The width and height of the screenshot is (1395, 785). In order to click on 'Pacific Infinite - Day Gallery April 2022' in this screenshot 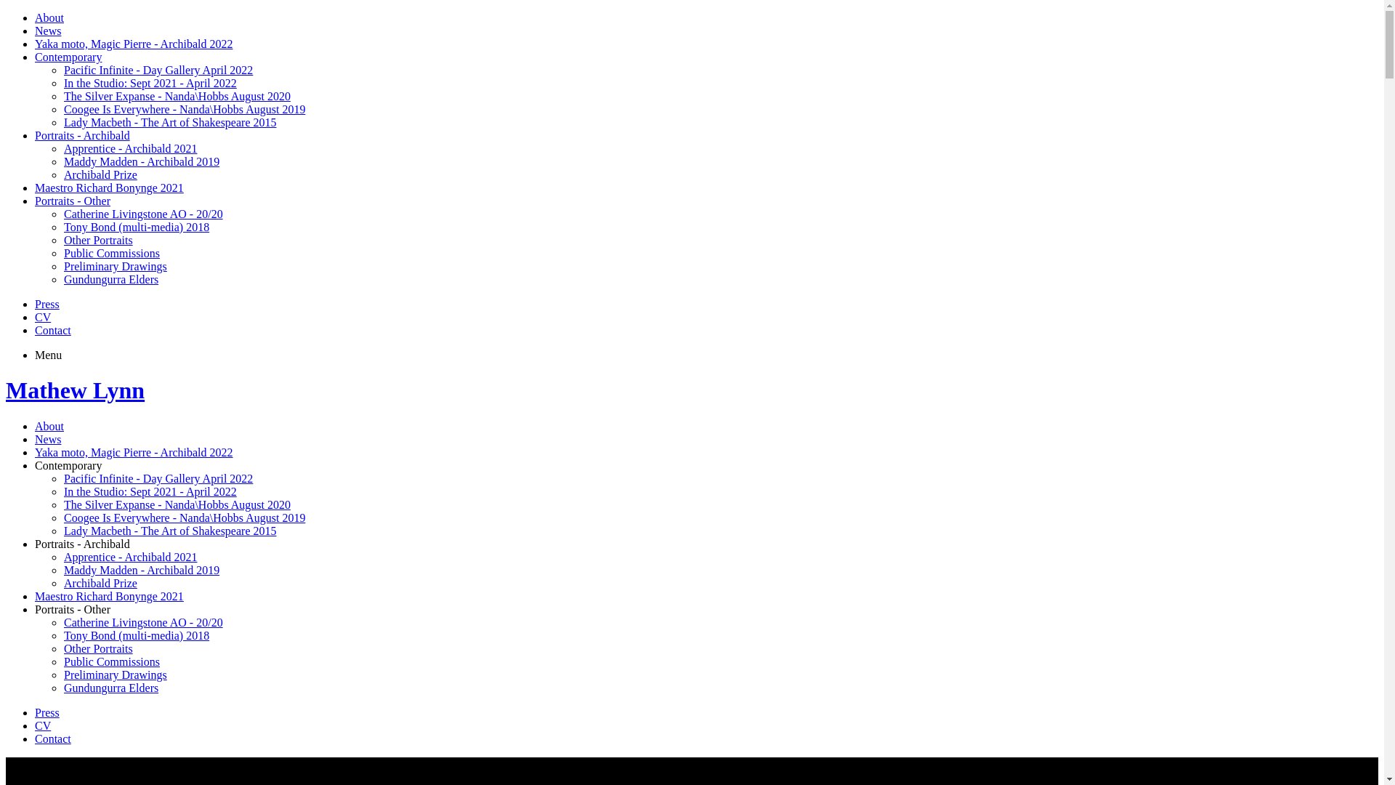, I will do `click(158, 478)`.